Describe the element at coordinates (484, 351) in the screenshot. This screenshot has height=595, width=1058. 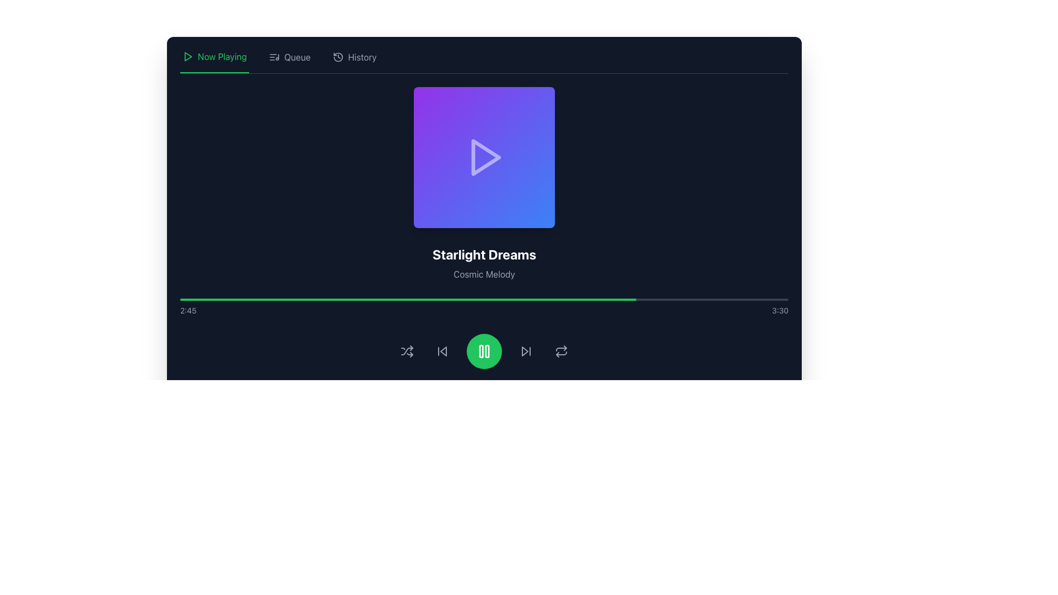
I see `the pause button icon located within the green circular button at the bottom center of the music playback area to observe the hover effect` at that location.